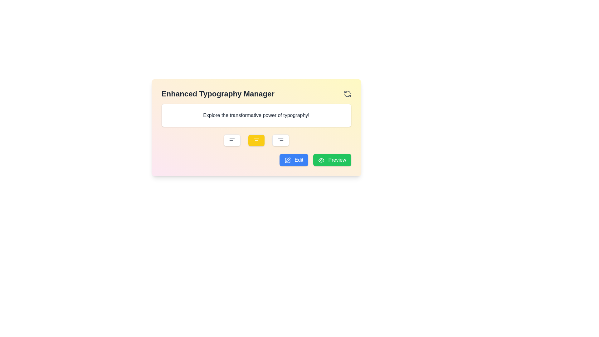  Describe the element at coordinates (347, 94) in the screenshot. I see `the Circular arrow icon (refresh button) in the 'Enhanced Typography Manager' section, located at the top-right corner, to refresh the content` at that location.